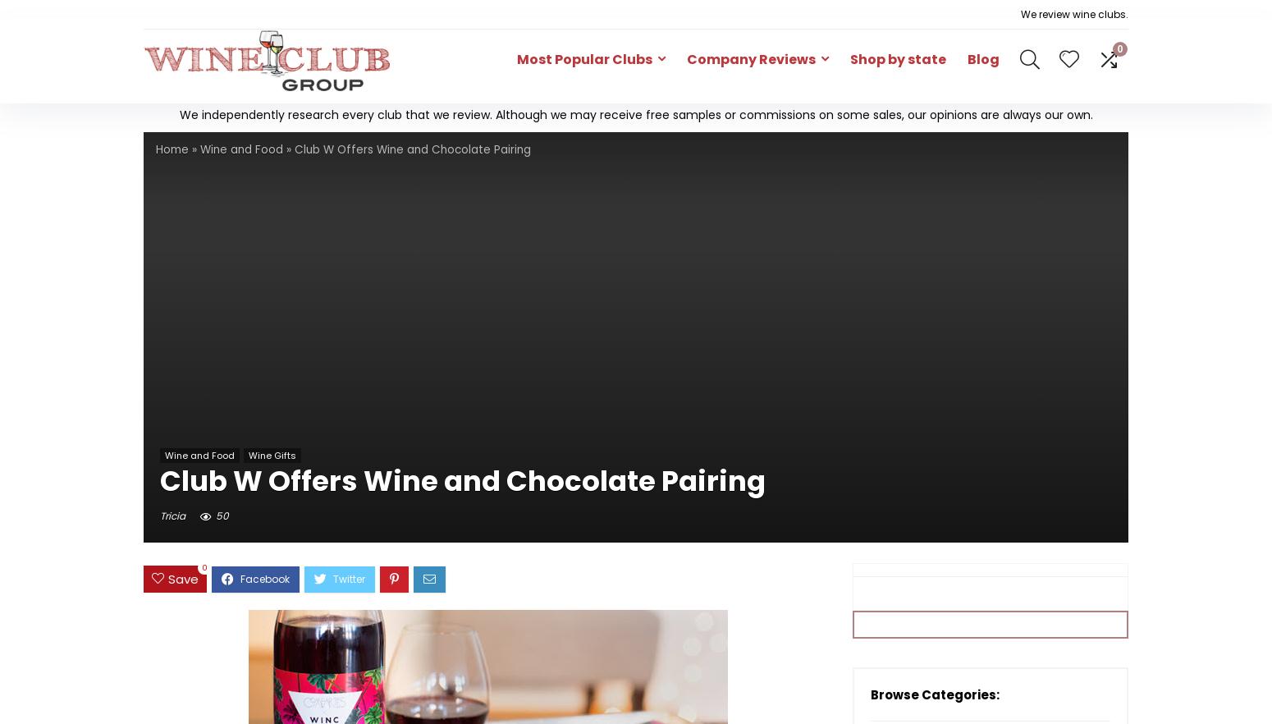  What do you see at coordinates (172, 514) in the screenshot?
I see `'Tricia'` at bounding box center [172, 514].